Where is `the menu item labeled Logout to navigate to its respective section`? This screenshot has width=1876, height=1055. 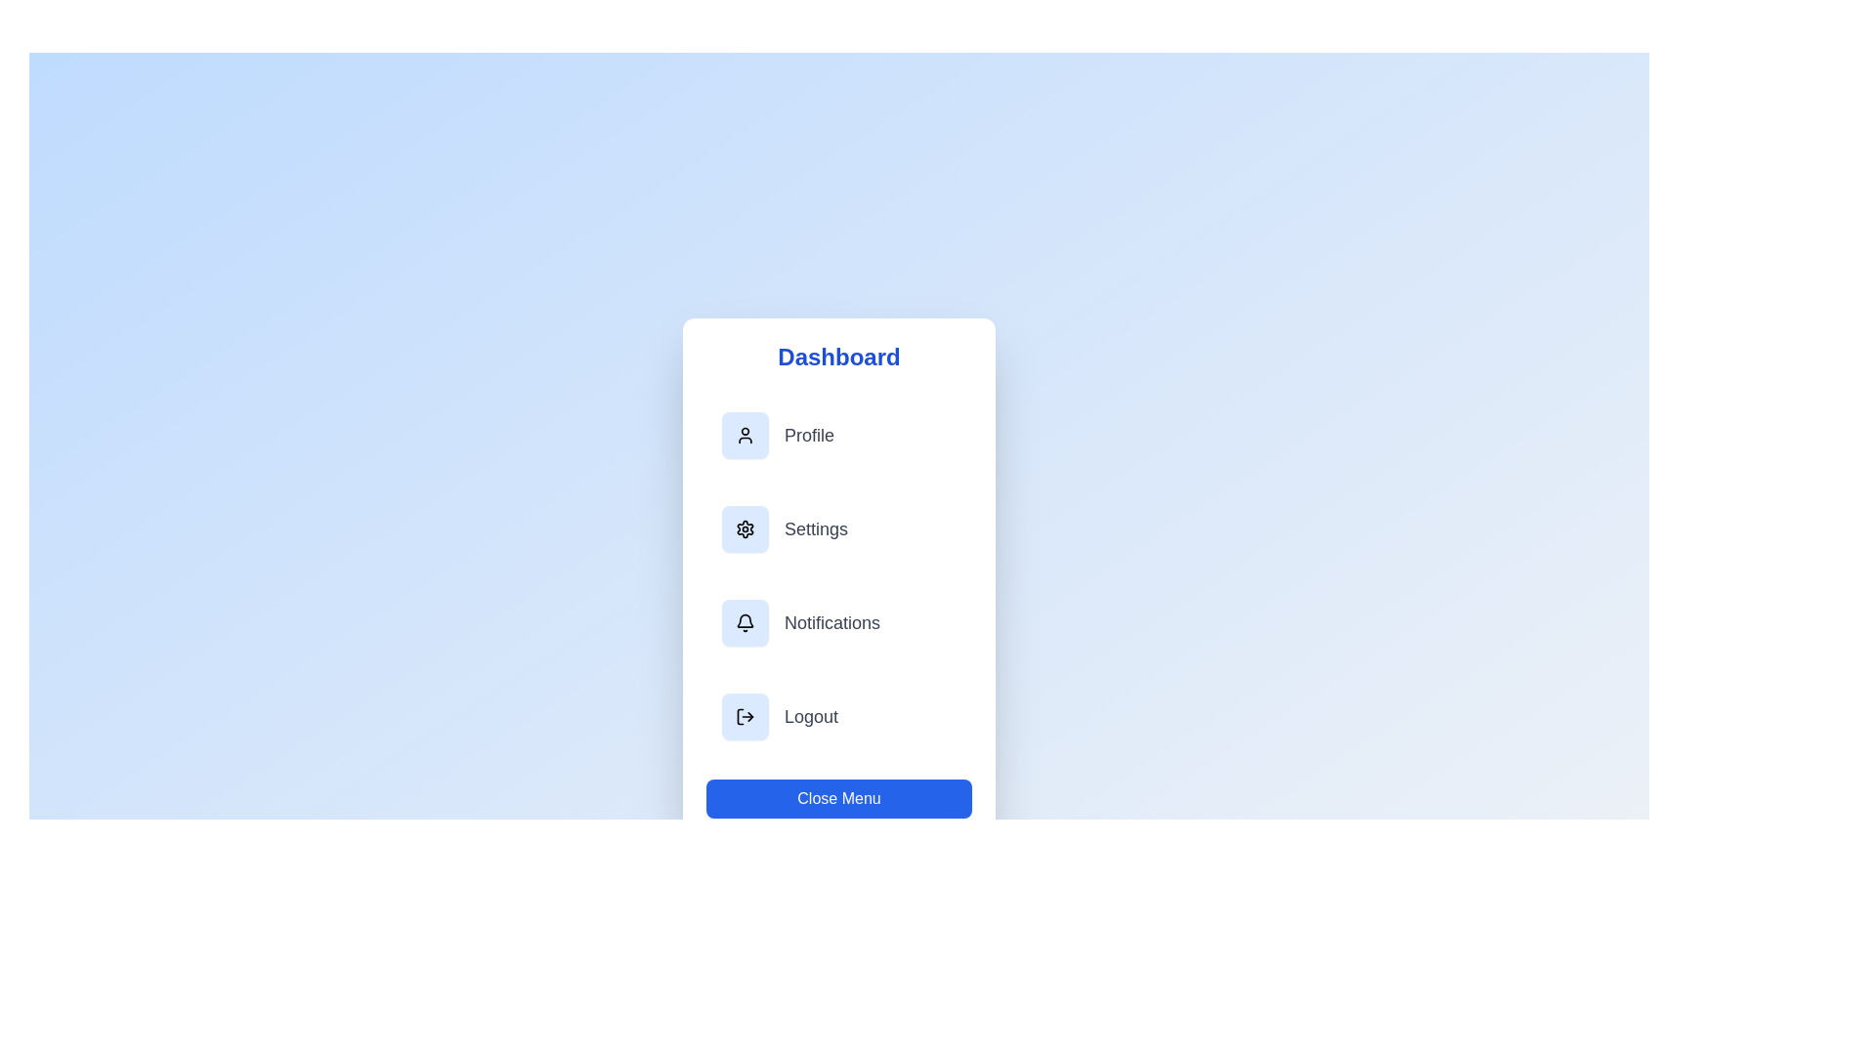 the menu item labeled Logout to navigate to its respective section is located at coordinates (839, 716).